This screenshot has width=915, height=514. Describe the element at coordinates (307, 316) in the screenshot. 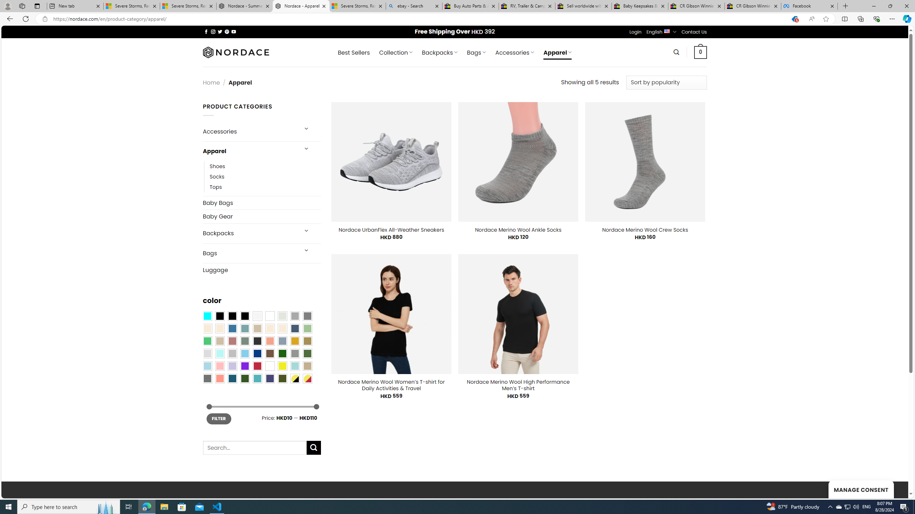

I see `'All Gray'` at that location.